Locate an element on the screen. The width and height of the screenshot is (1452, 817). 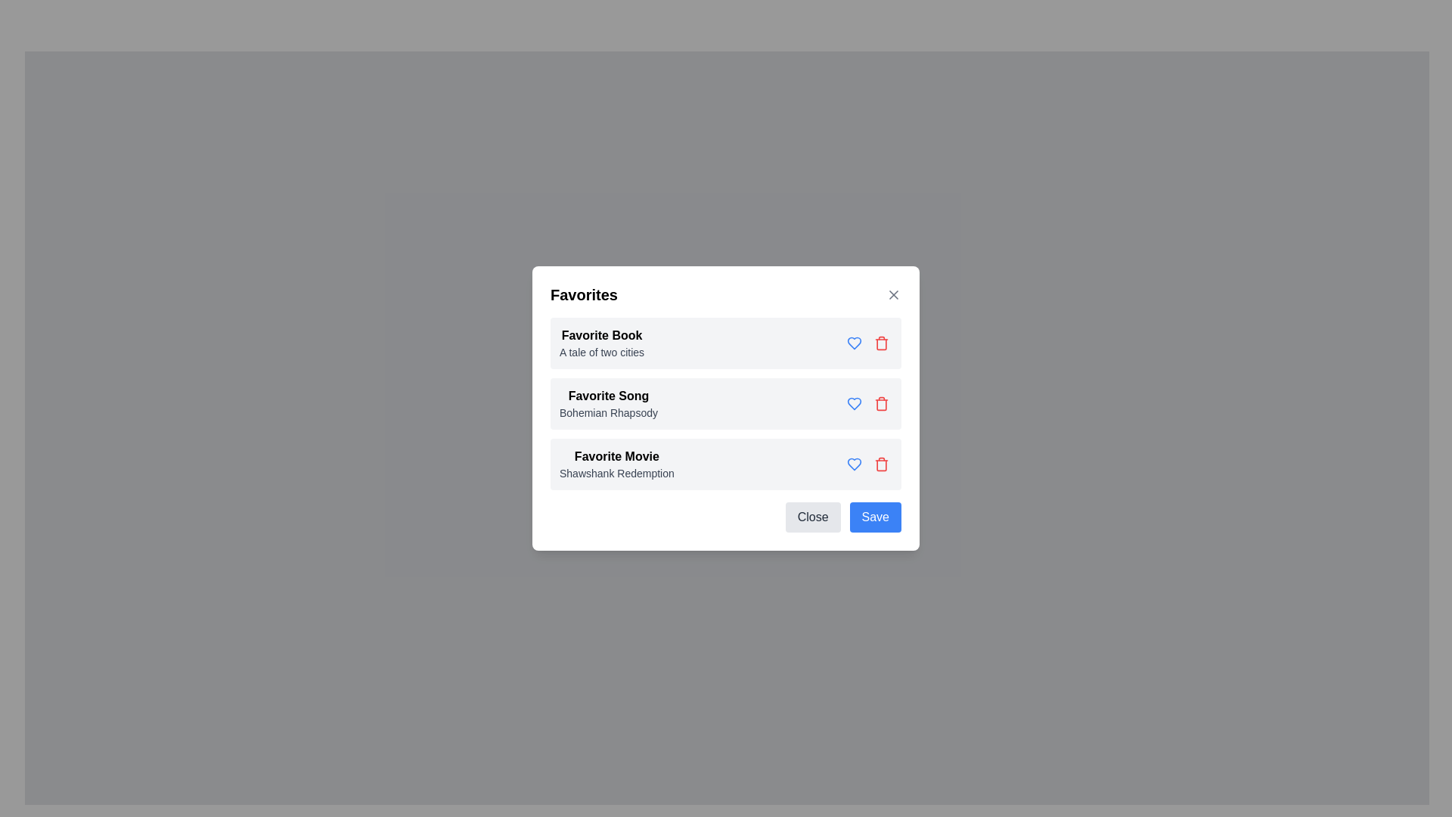
the red trash can icon, which is located to the right of the 'Favorite Song' item is located at coordinates (882, 402).